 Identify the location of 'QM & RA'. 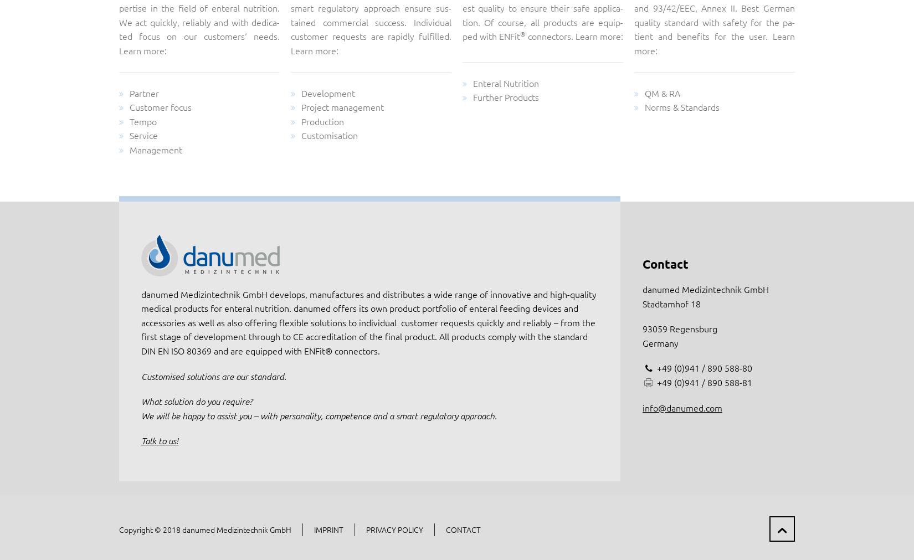
(662, 92).